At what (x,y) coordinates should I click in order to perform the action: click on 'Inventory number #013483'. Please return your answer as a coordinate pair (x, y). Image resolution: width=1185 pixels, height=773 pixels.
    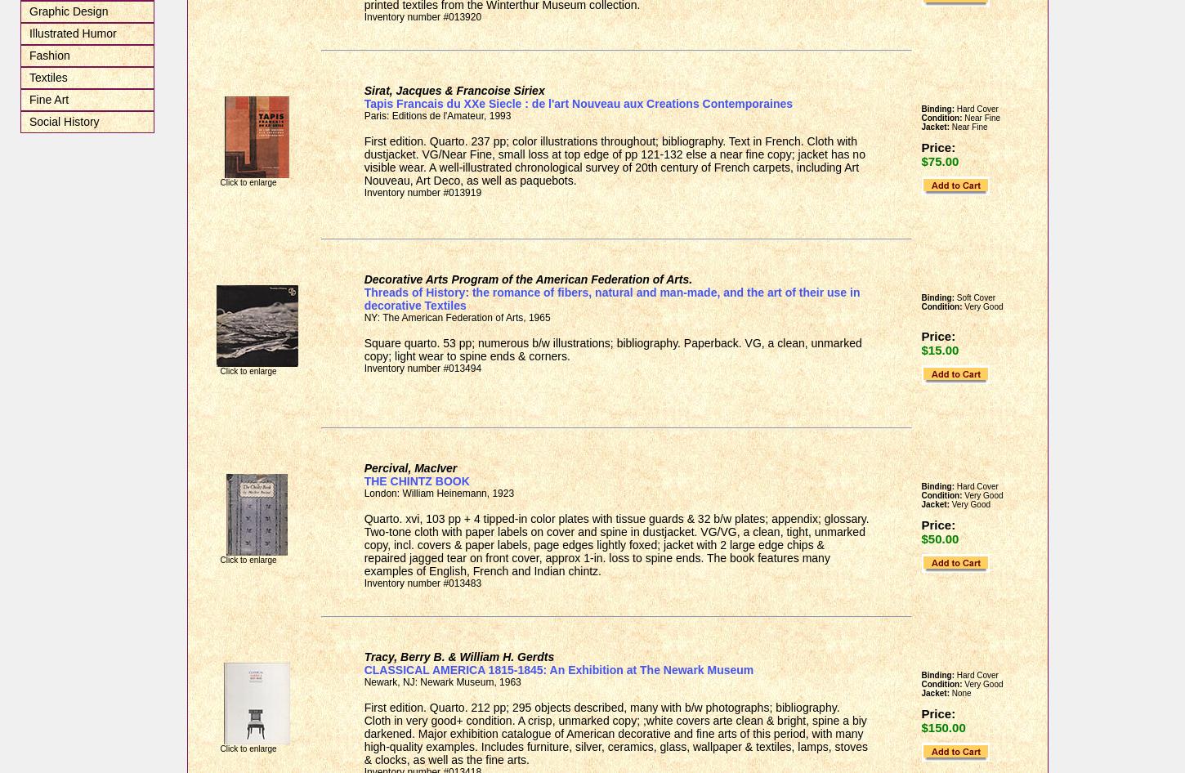
    Looking at the image, I should click on (423, 583).